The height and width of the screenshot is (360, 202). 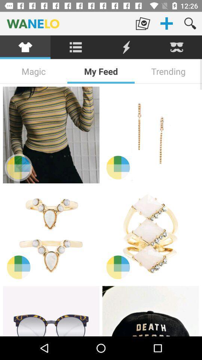 I want to click on pick the image, so click(x=50, y=234).